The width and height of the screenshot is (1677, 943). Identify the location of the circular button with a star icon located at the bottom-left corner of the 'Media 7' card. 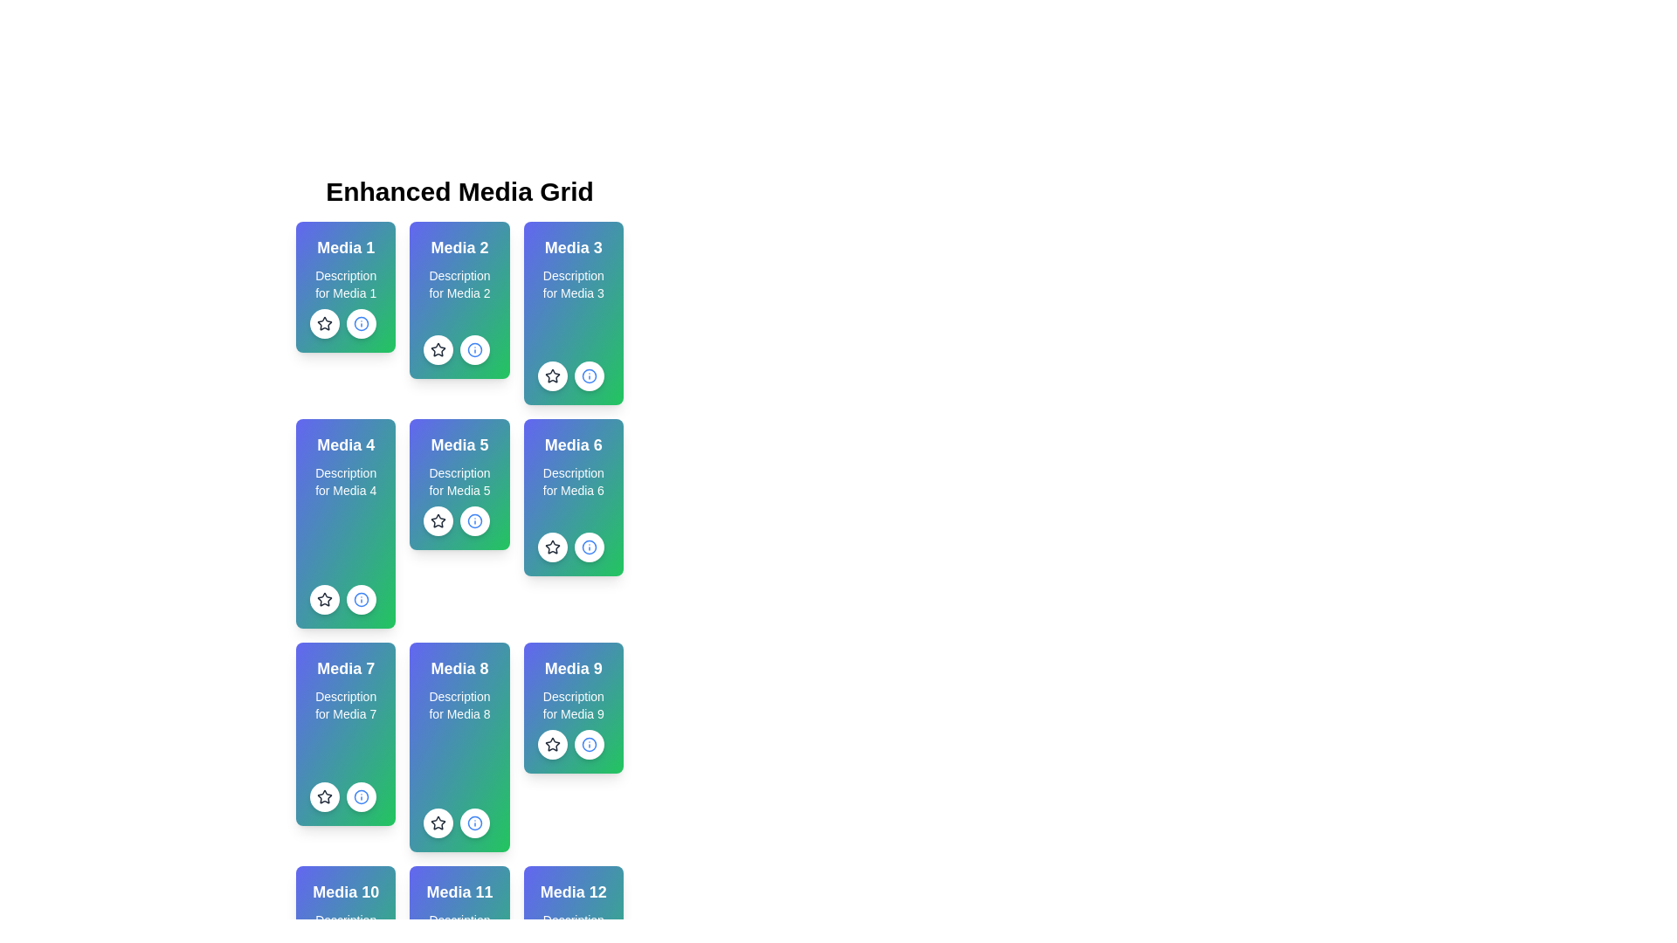
(325, 797).